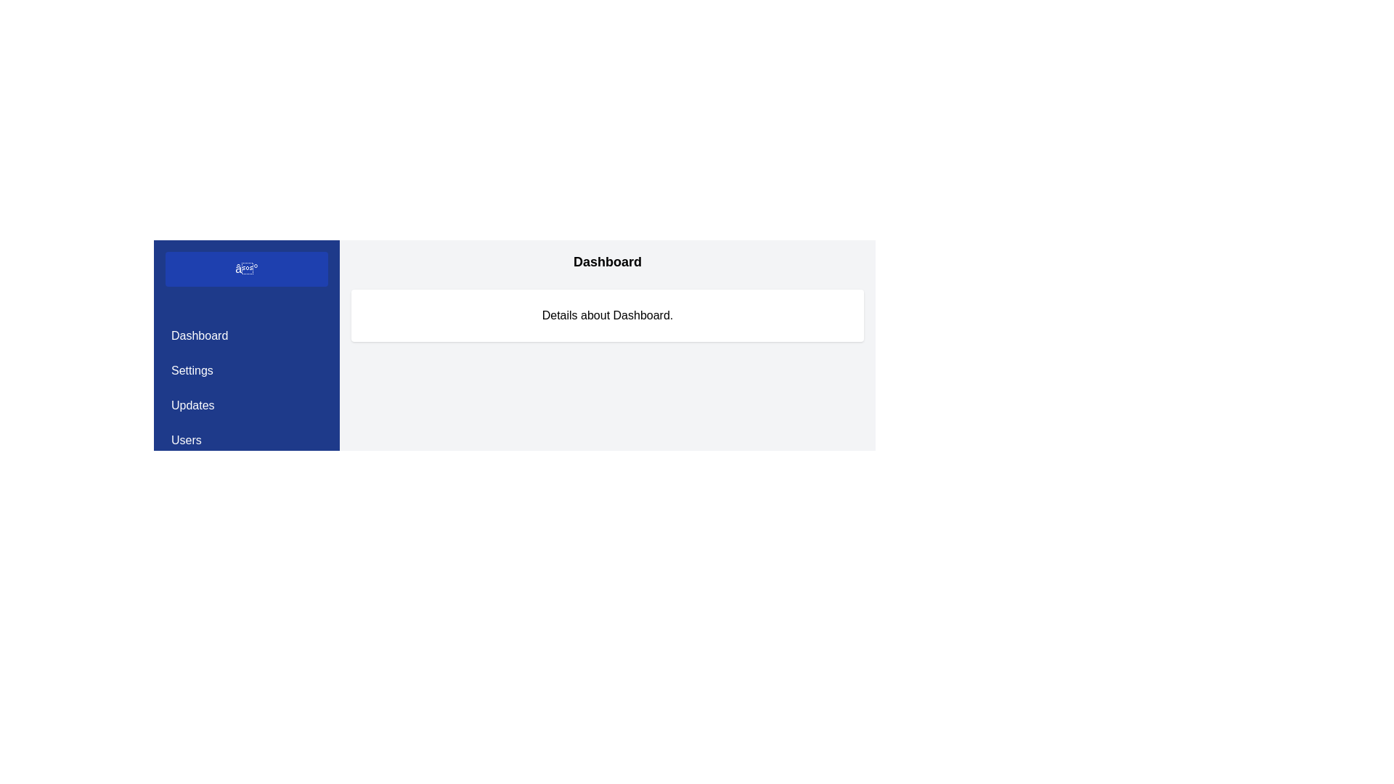 Image resolution: width=1394 pixels, height=784 pixels. I want to click on the 'Users' text label in the sidebar navigation menu, located near the bottom of the visible list, so click(185, 439).